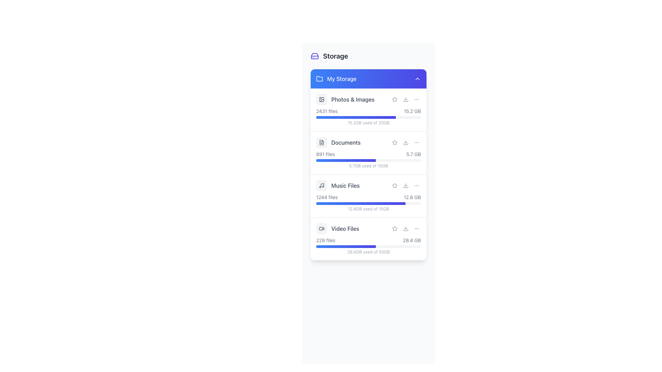 Image resolution: width=662 pixels, height=372 pixels. I want to click on storage details from the Information display with a progress bar indicating storage usage located in the 'Photos & Images' section of 'My Storage', so click(368, 116).